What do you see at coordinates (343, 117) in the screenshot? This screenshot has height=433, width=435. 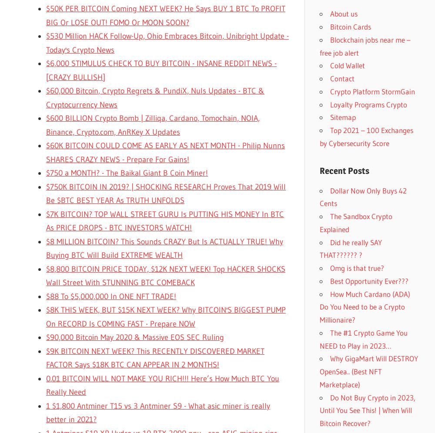 I see `'Sitemap'` at bounding box center [343, 117].